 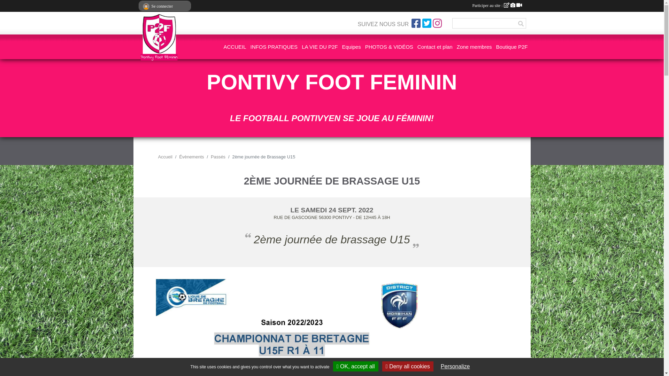 What do you see at coordinates (235, 47) in the screenshot?
I see `'ACCUEIL'` at bounding box center [235, 47].